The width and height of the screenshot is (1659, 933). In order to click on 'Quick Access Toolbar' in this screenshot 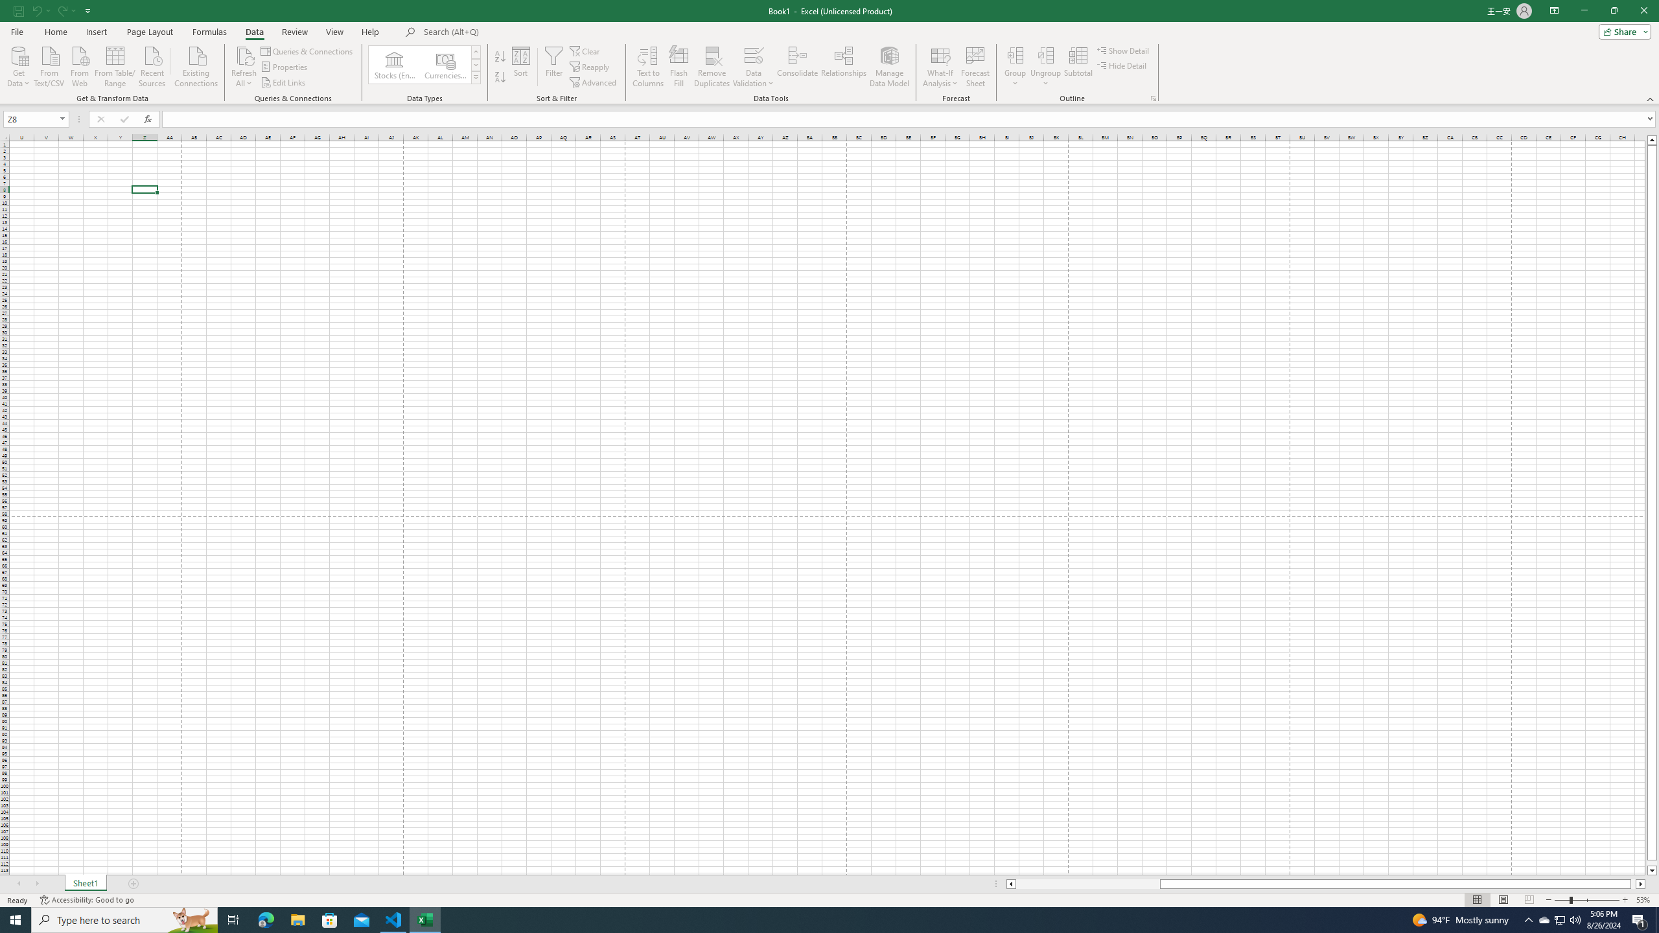, I will do `click(53, 10)`.